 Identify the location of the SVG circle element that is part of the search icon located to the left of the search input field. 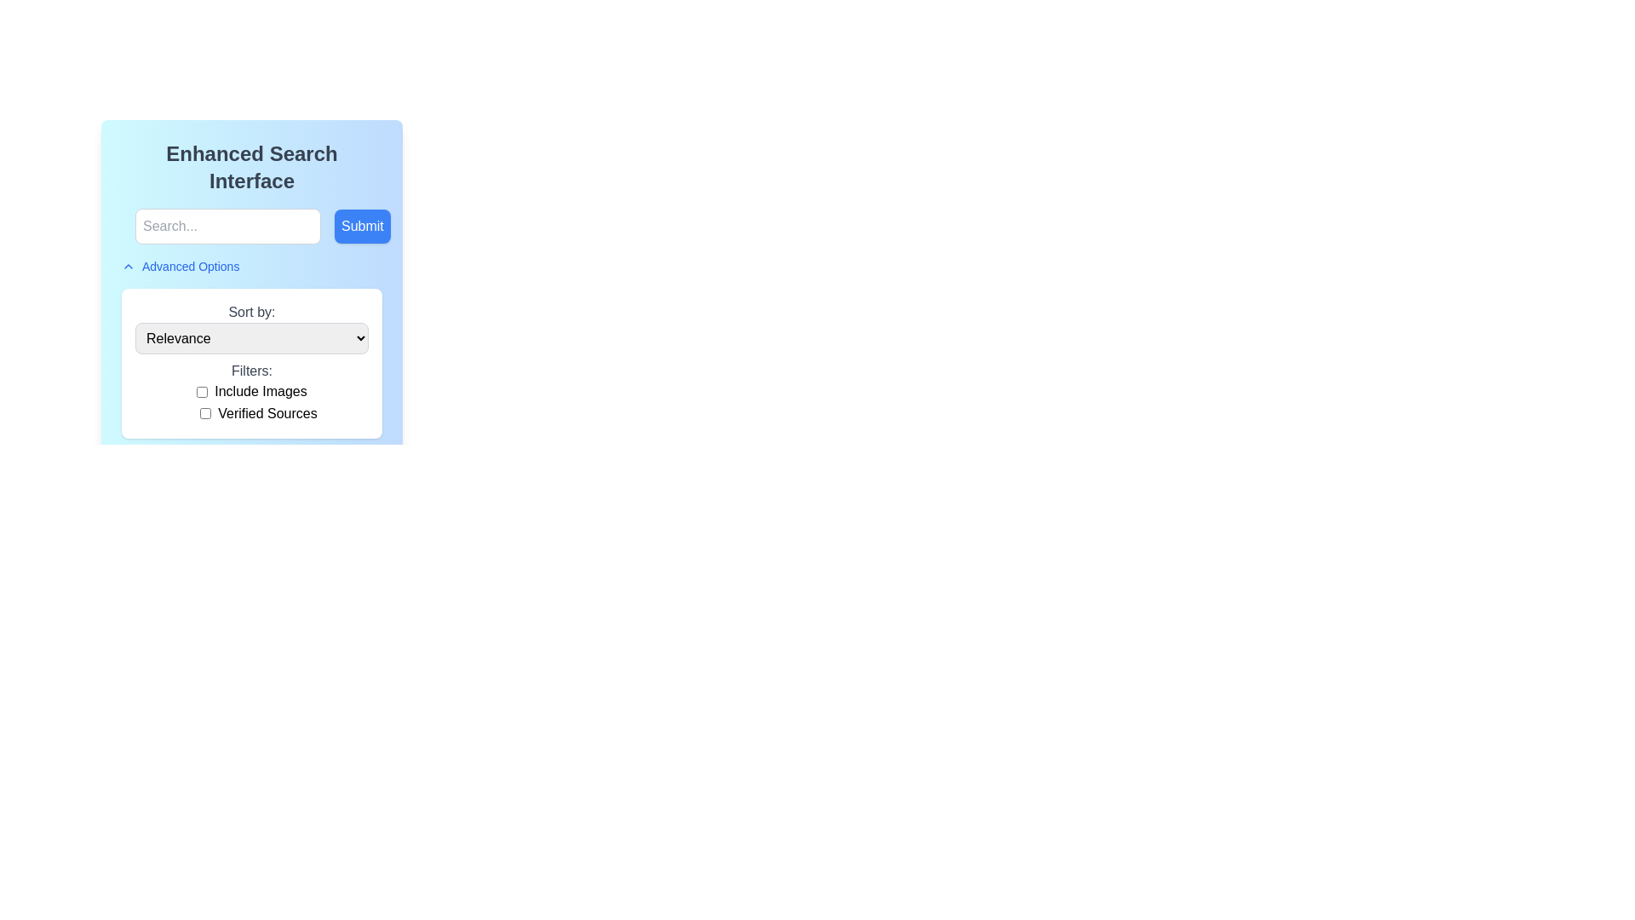
(129, 225).